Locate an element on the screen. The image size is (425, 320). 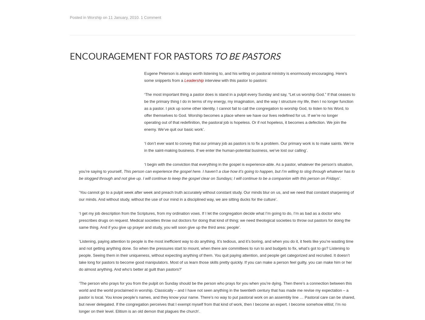
'What a pity it is and what a distress that at bottom we all fear the gods so much that we are all so religious and full of endeavor, and yet understand so little of this sacrifice, of giving ourselves, our bodies, as sacrifices into the power of God. Oh, how would the doors that are now closed to us open – all the doors of sin and care before which we so helplessly stand; the doors of persons we do not understand nor they us; the doors of sad social conditions that we presently cannot change – how would truth and salvation come to light, how would the change of things that we wish for happen, if we would only break out of all our so-called worship of God, our religions, convictions, and endeavors! We would break out of all these prisons, over which is written, “My intentions are good,” and instead enter into what God intends, into that reasonable worship of God in Spirit and in truth. This is what the Bible places before us in such a great, natural, and healthy way!’ – Karl Barth and William H. Willimon,' is located at coordinates (217, 81).